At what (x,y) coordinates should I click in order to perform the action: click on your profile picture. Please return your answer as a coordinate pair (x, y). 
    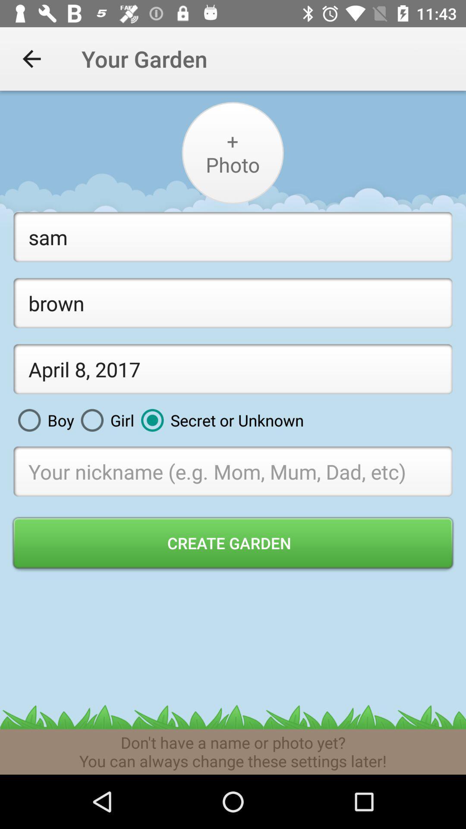
    Looking at the image, I should click on (232, 153).